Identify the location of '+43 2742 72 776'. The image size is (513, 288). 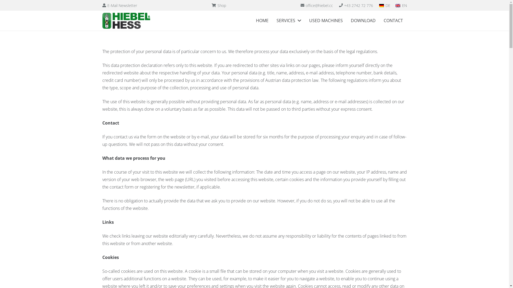
(339, 5).